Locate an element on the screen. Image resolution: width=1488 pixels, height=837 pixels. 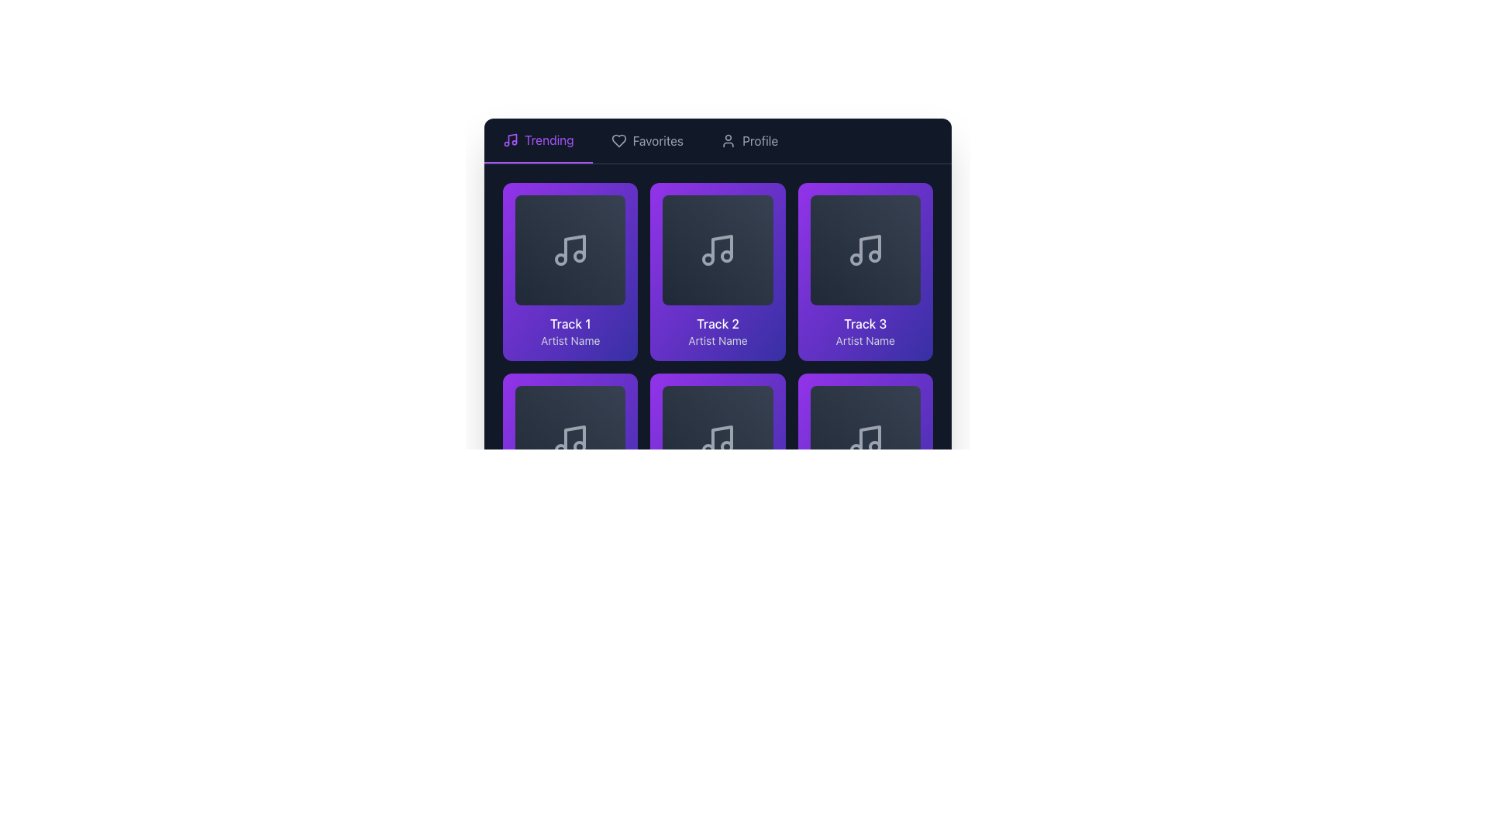
the music note icon located in the middle row of the card grid layout, which serves as a decorative indicator of music content is located at coordinates (722, 439).